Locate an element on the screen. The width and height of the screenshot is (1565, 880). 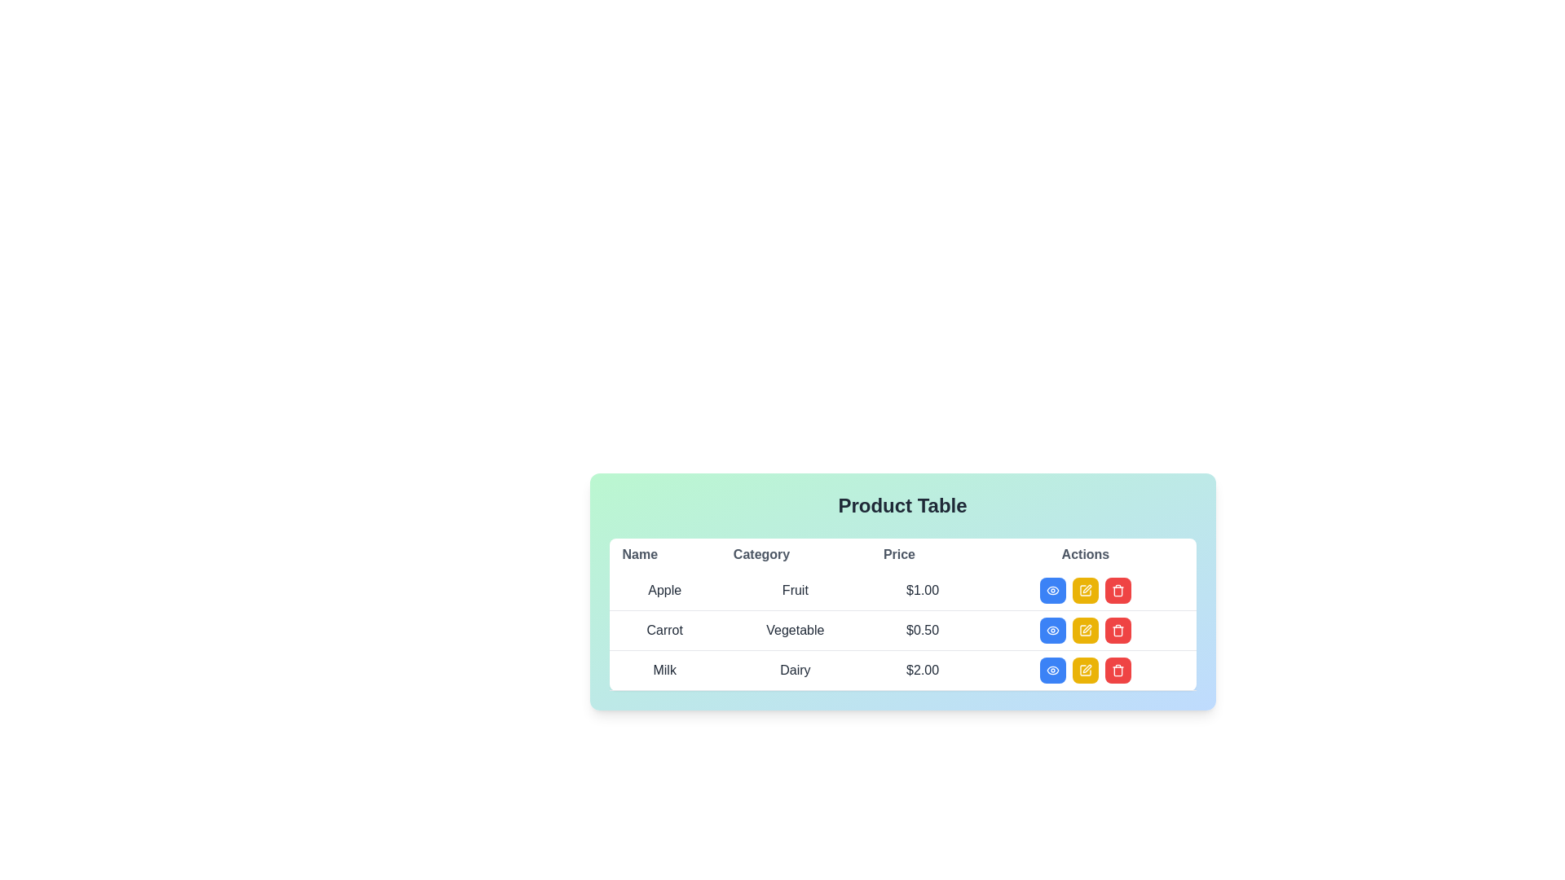
the edit control button for the 'Milk' row item in the 'Actions' column is located at coordinates (1085, 670).